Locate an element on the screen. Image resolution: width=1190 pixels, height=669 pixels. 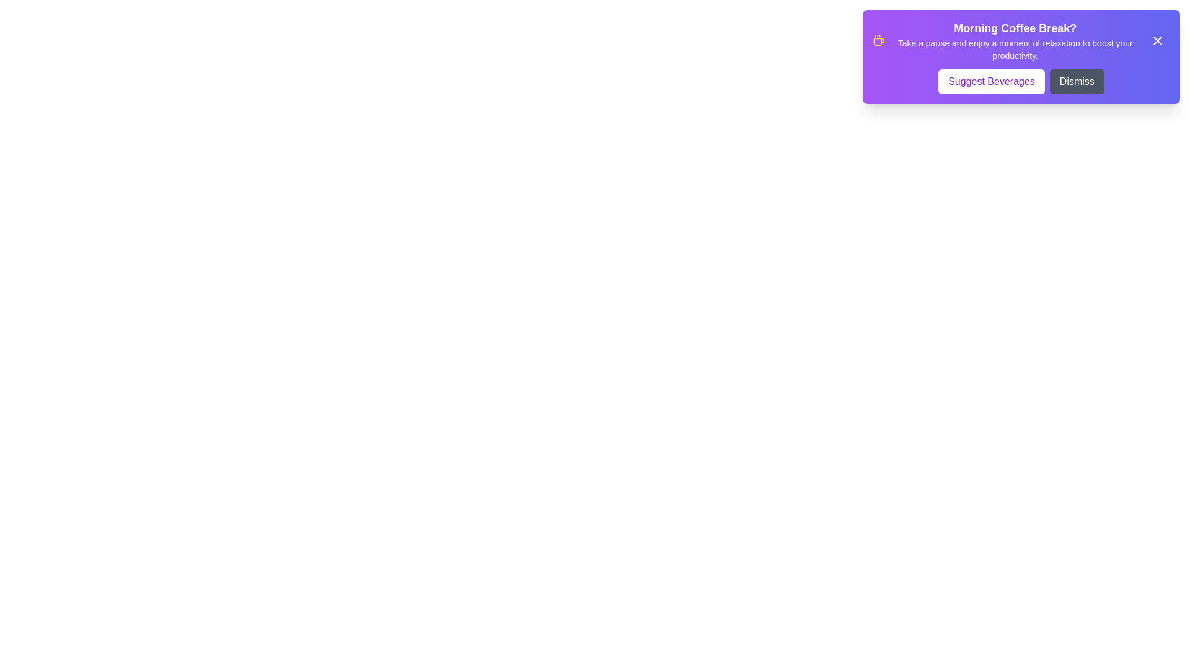
'Dismiss' button to hide the snackbar is located at coordinates (1076, 81).